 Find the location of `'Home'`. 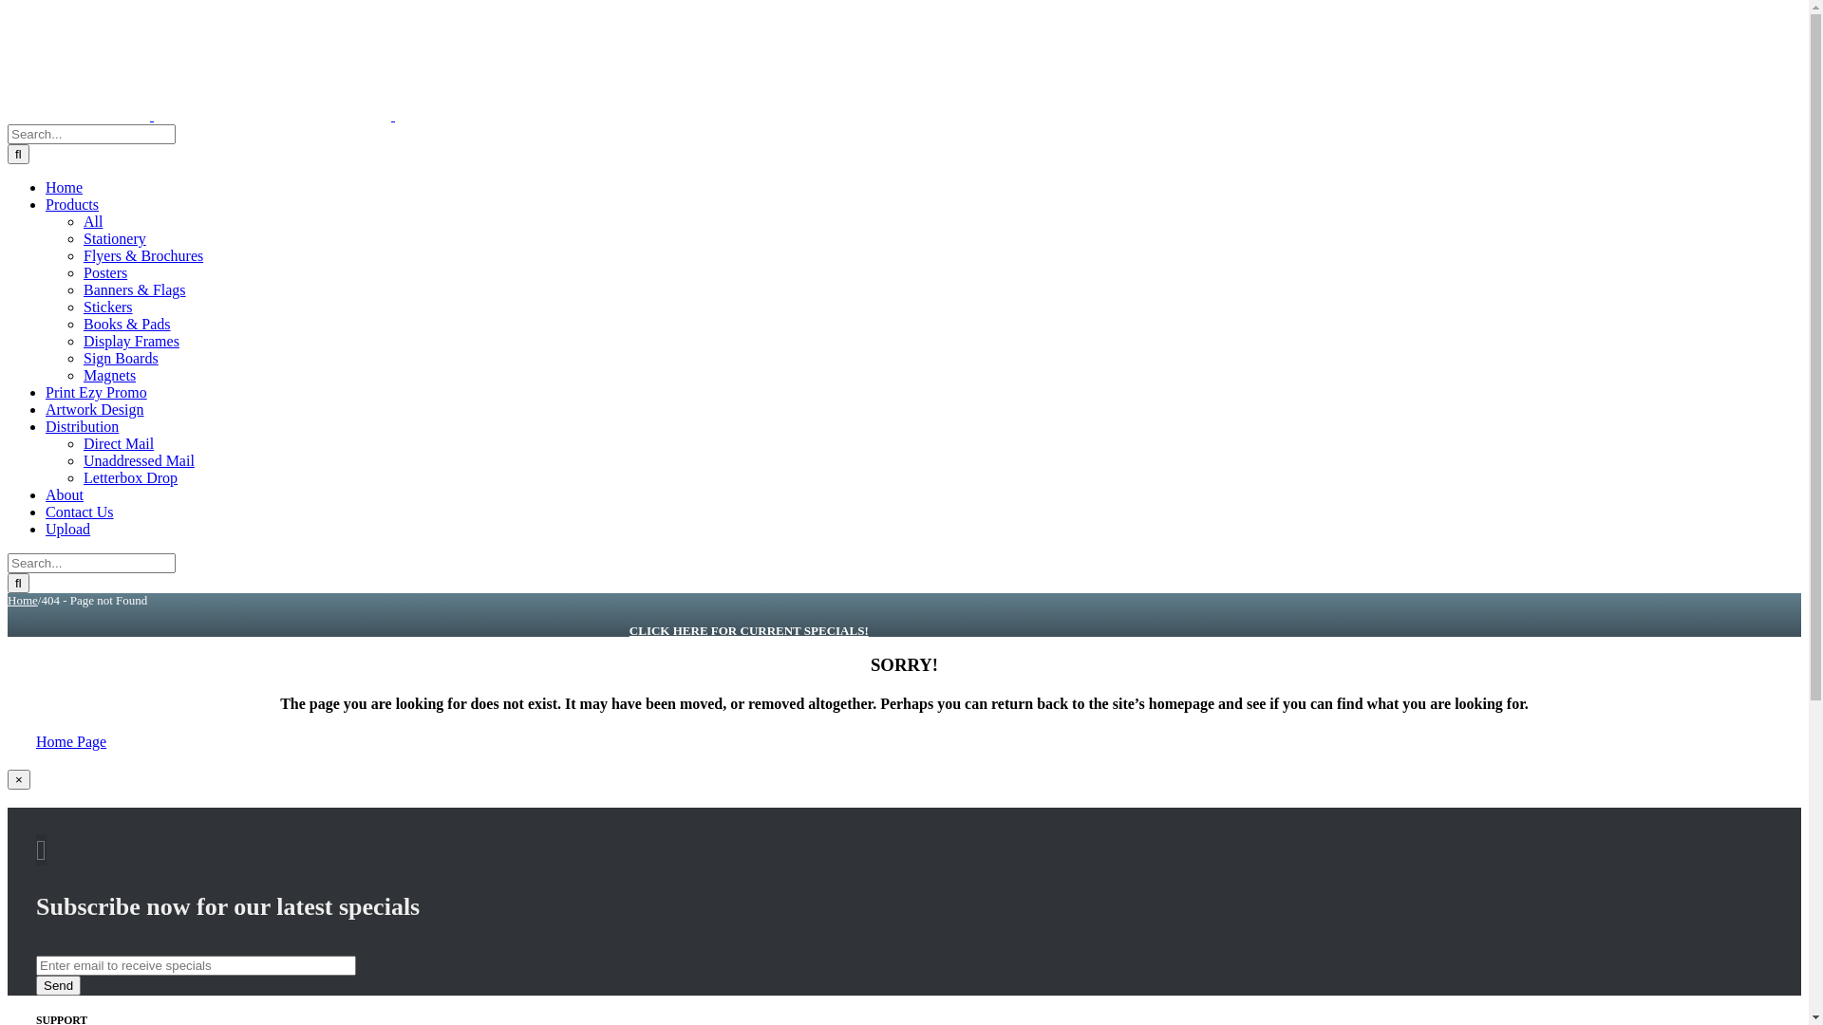

'Home' is located at coordinates (23, 600).